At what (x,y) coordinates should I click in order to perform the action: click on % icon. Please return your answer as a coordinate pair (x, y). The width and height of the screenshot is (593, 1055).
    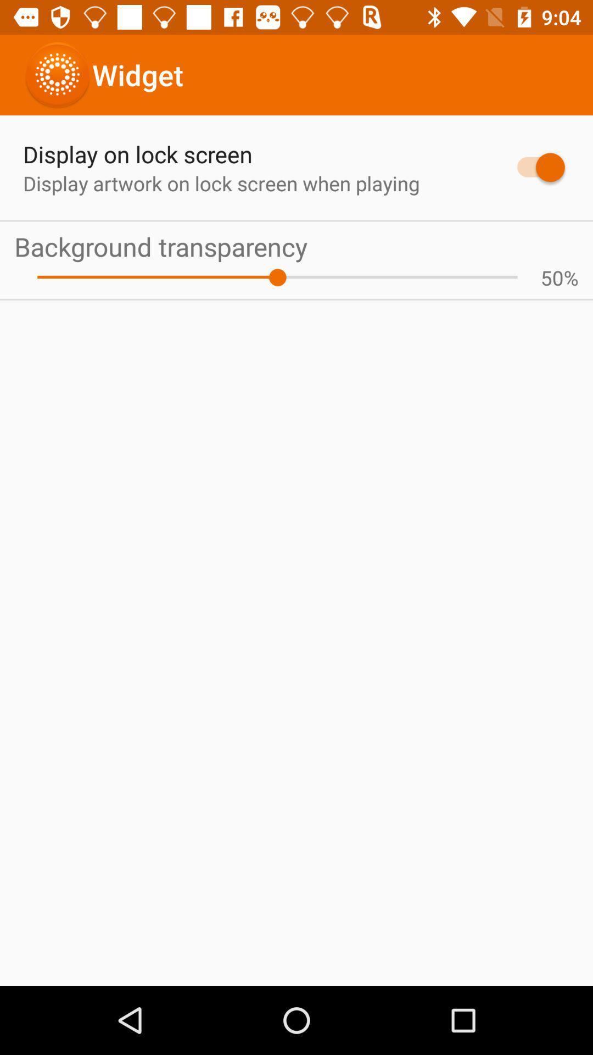
    Looking at the image, I should click on (570, 277).